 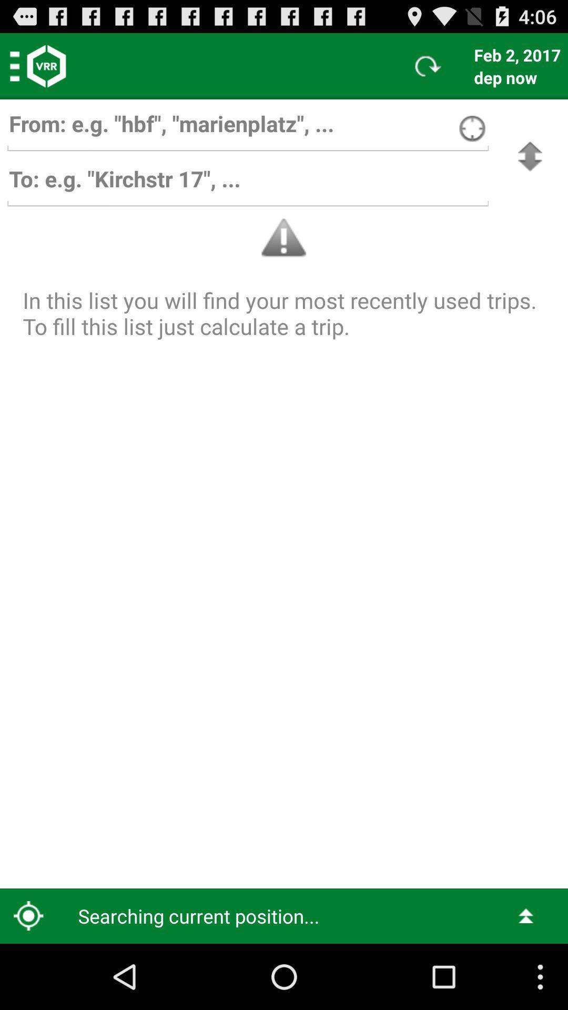 What do you see at coordinates (530, 156) in the screenshot?
I see `app above in this list` at bounding box center [530, 156].